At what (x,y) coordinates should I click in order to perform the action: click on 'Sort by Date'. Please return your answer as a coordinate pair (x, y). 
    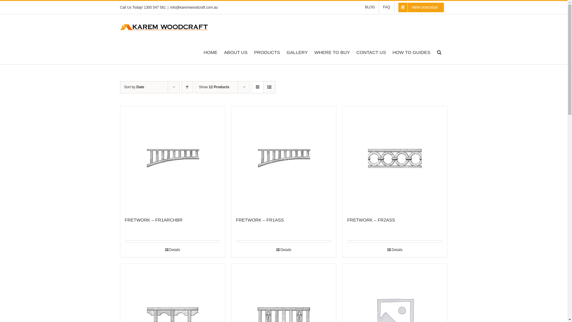
    Looking at the image, I should click on (133, 87).